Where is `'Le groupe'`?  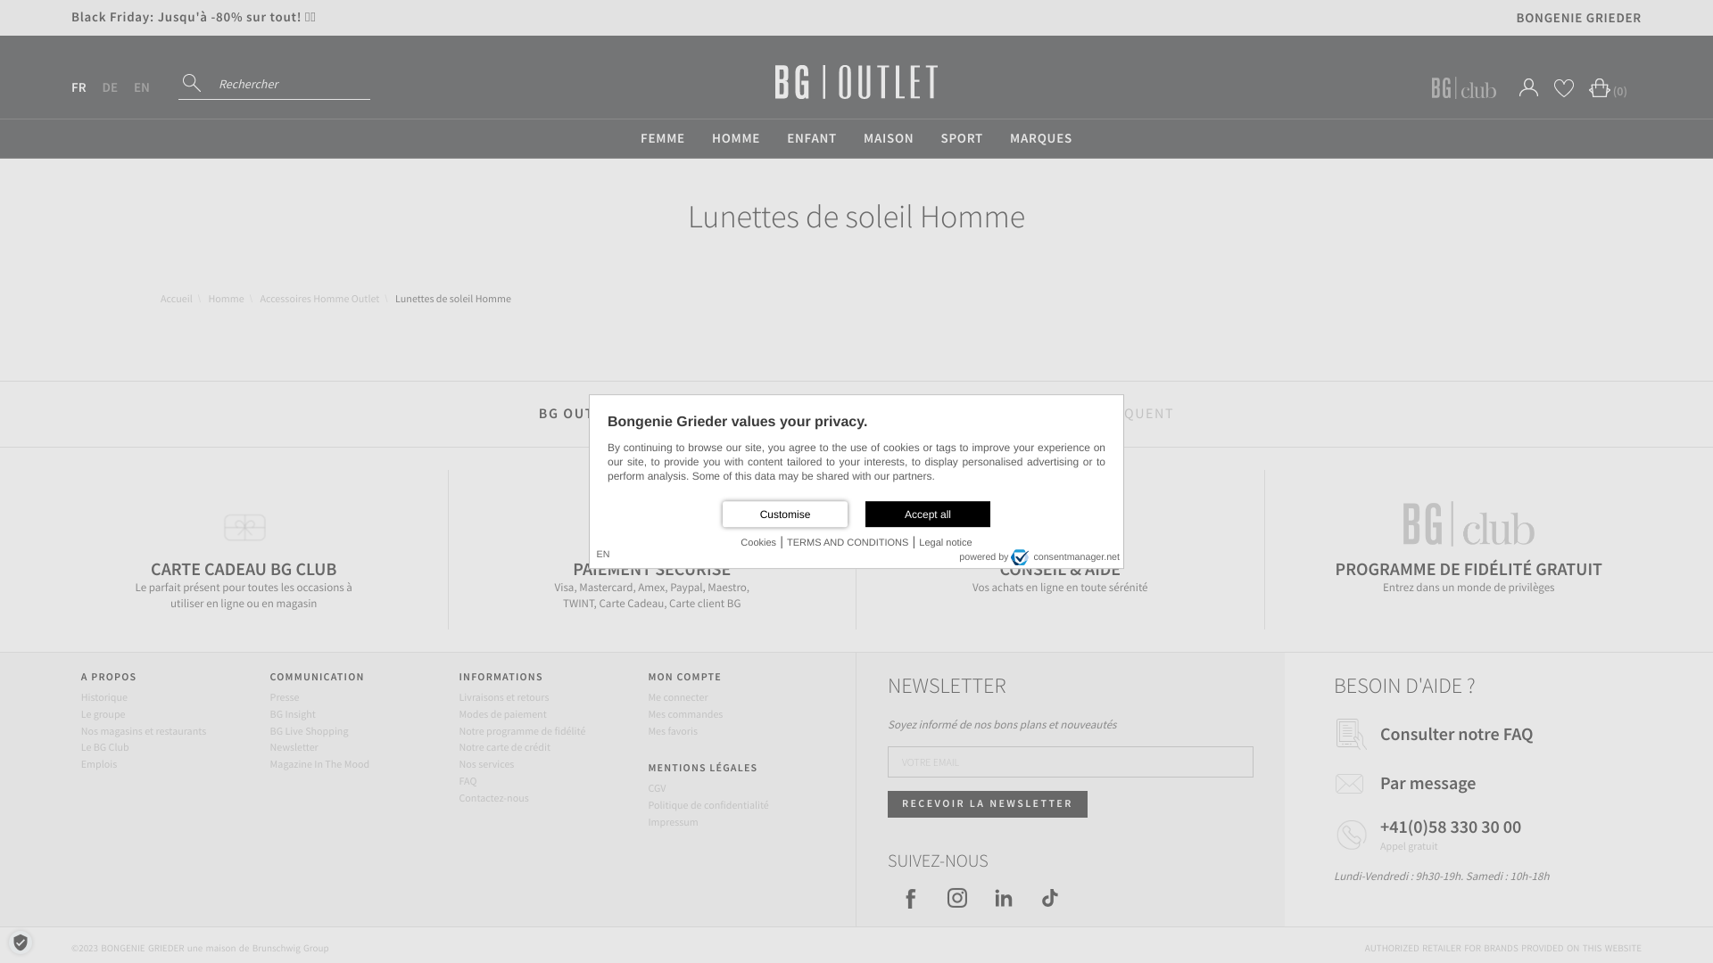
'Le groupe' is located at coordinates (80, 713).